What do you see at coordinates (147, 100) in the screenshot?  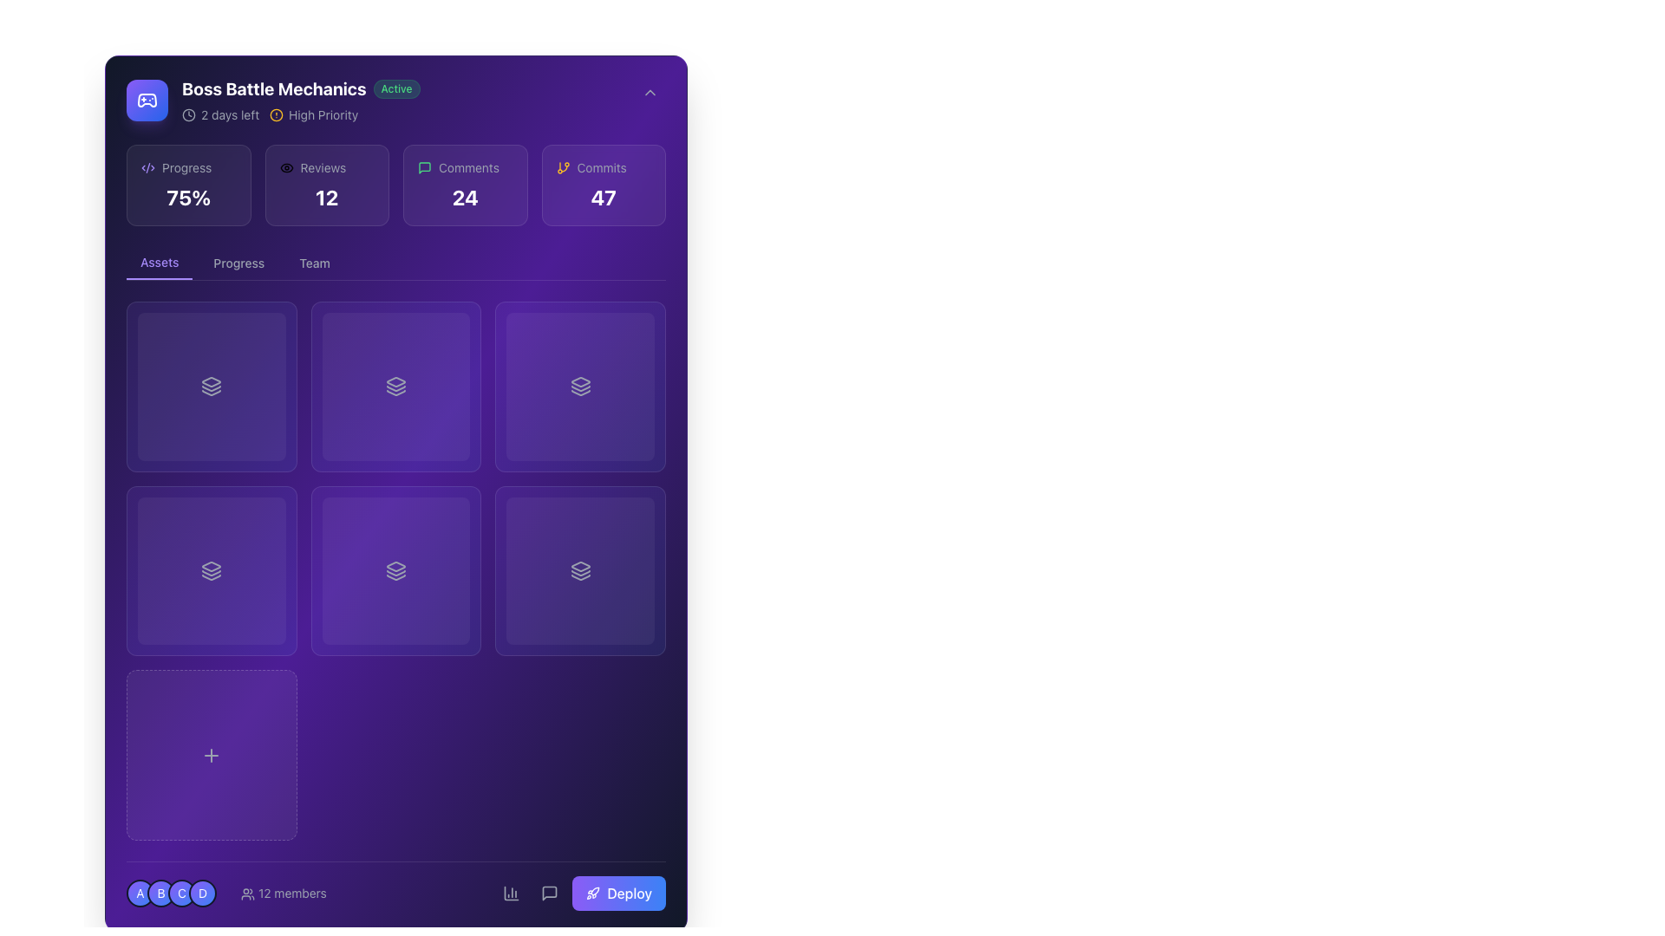 I see `the graphical representation of the gaming-related icon in the top-left corner next to the 'Boss Battle Mechanics' title` at bounding box center [147, 100].